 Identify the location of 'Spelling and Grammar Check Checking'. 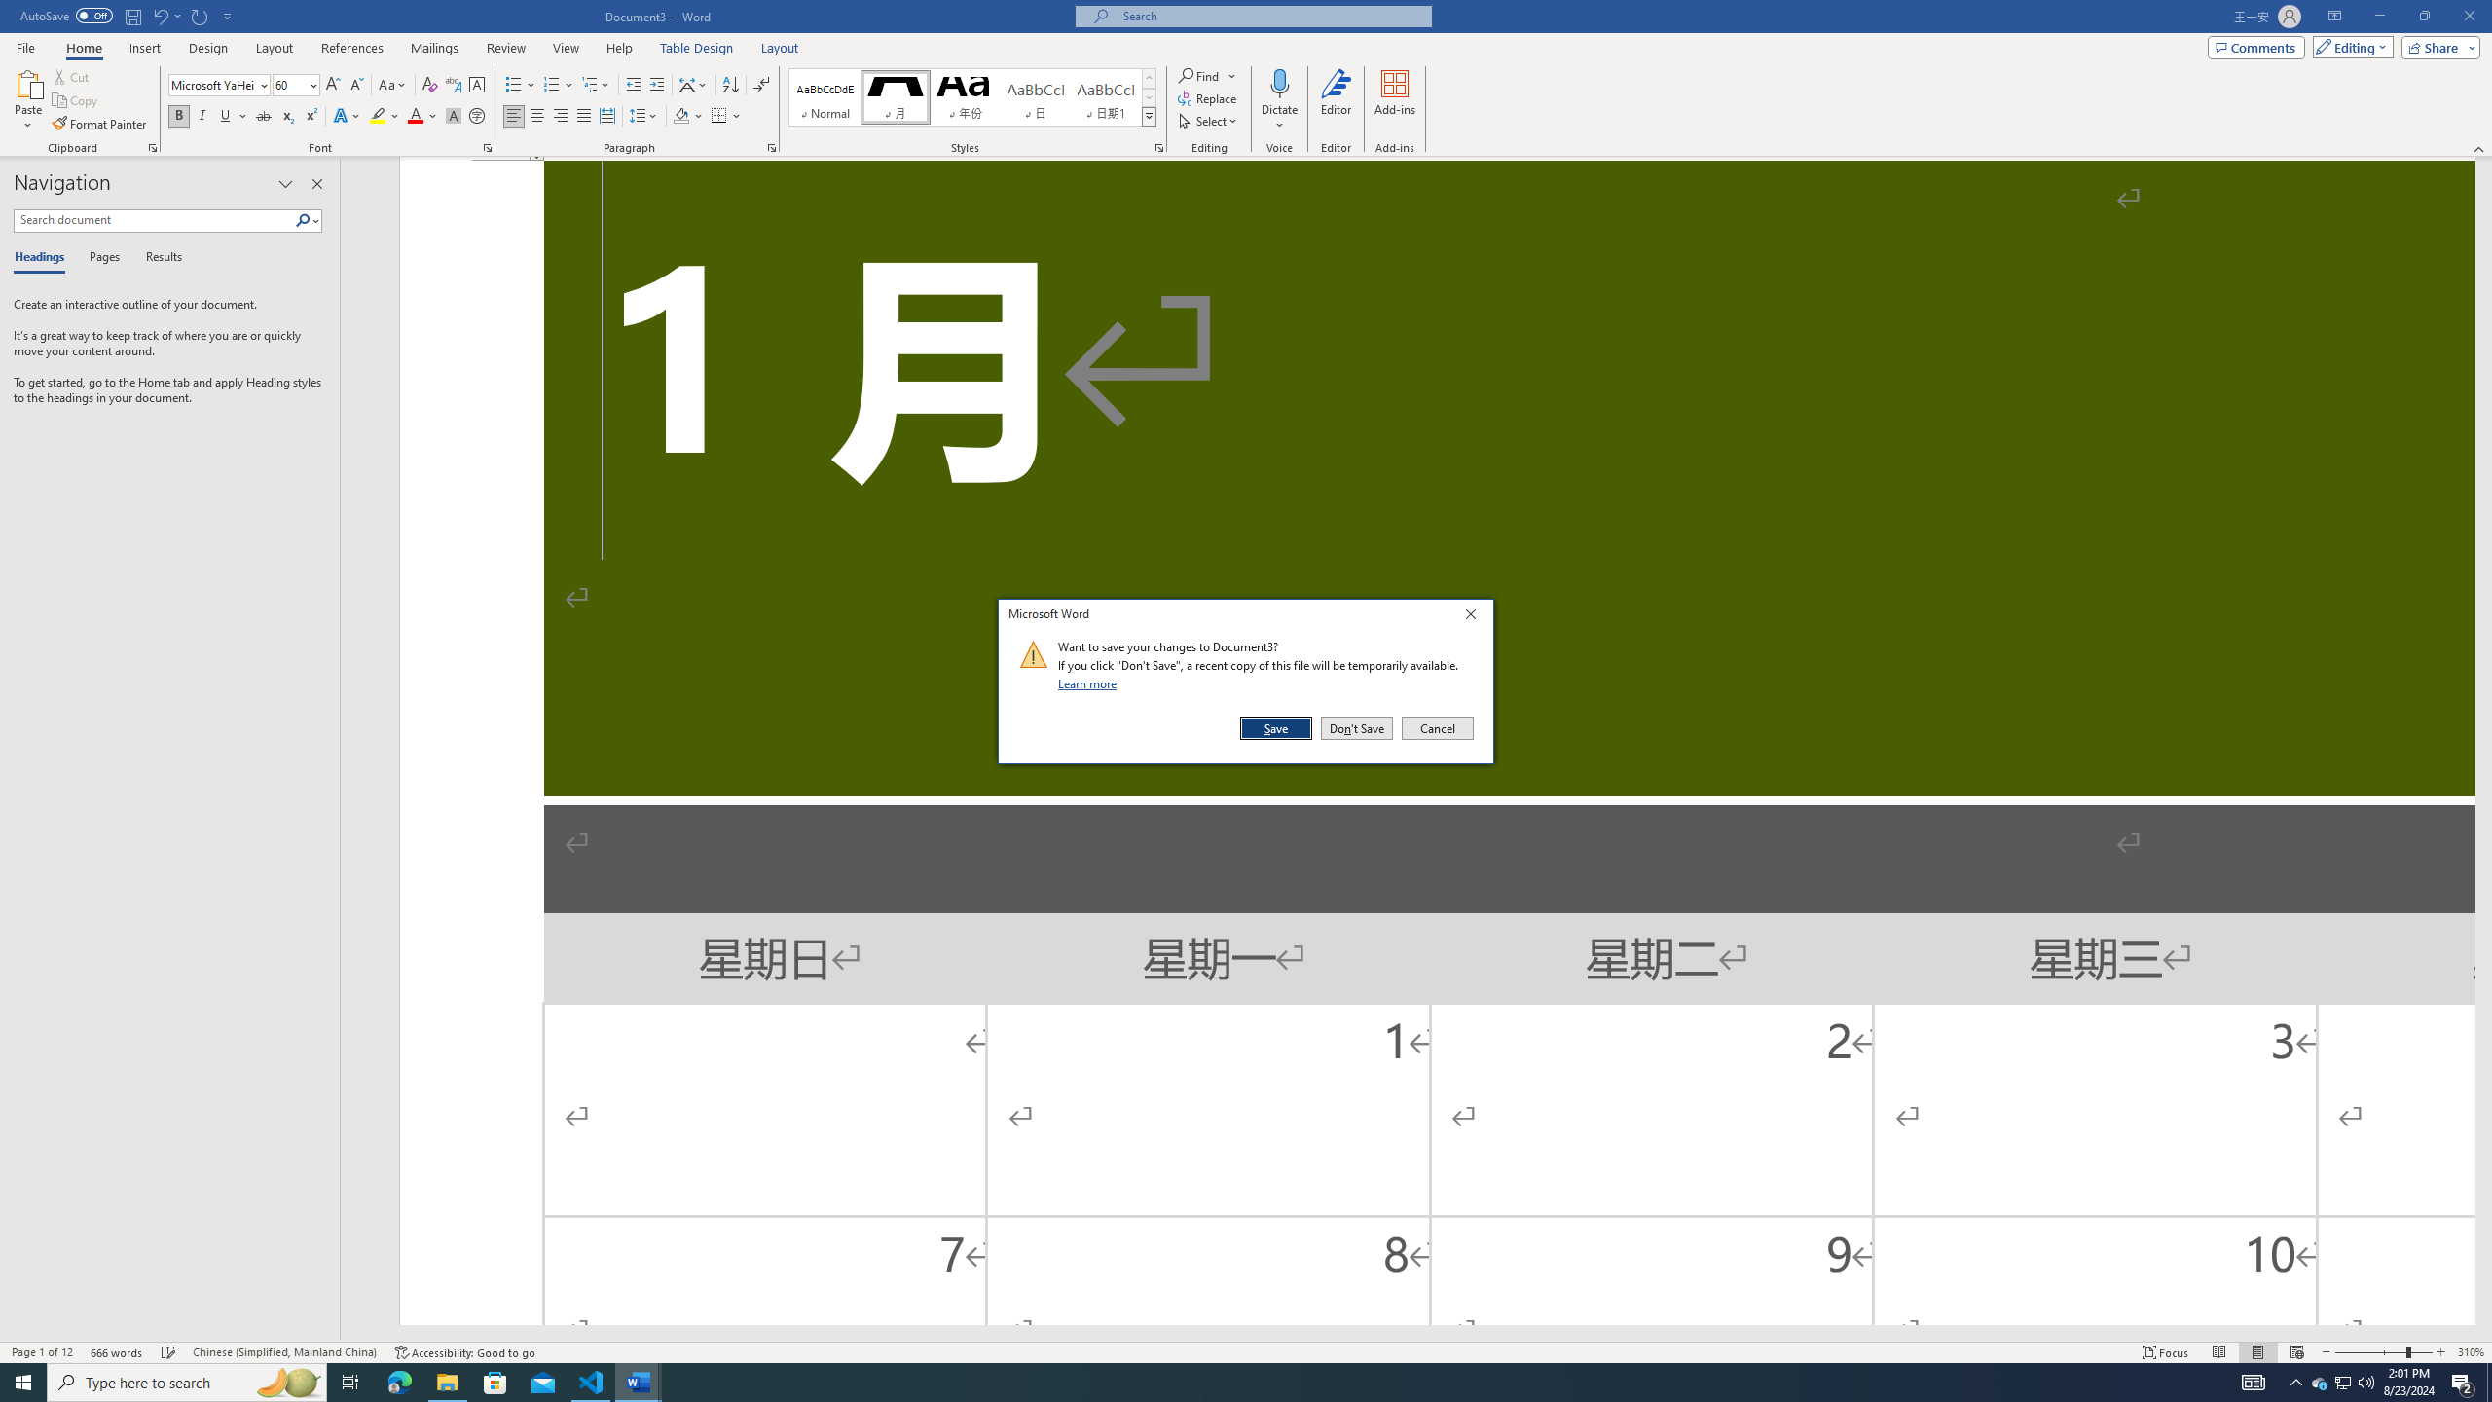
(169, 1352).